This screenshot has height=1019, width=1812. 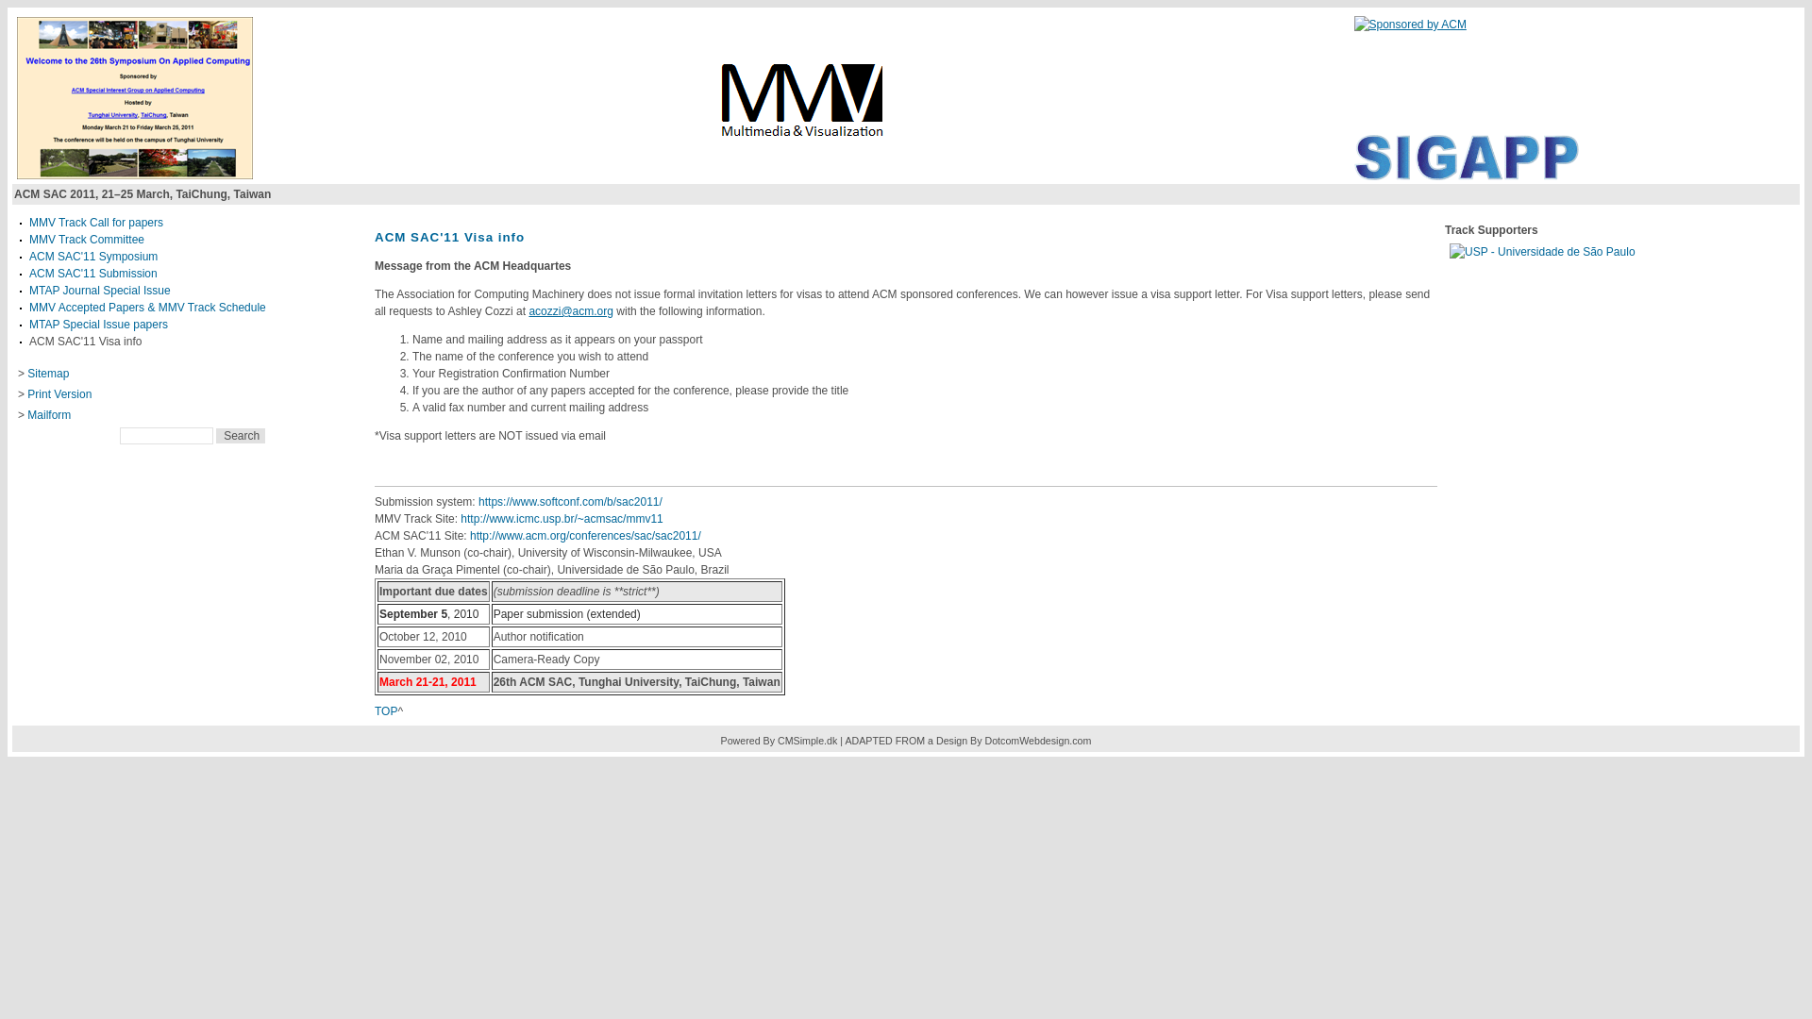 I want to click on 'MTAP Special Issue papers', so click(x=97, y=323).